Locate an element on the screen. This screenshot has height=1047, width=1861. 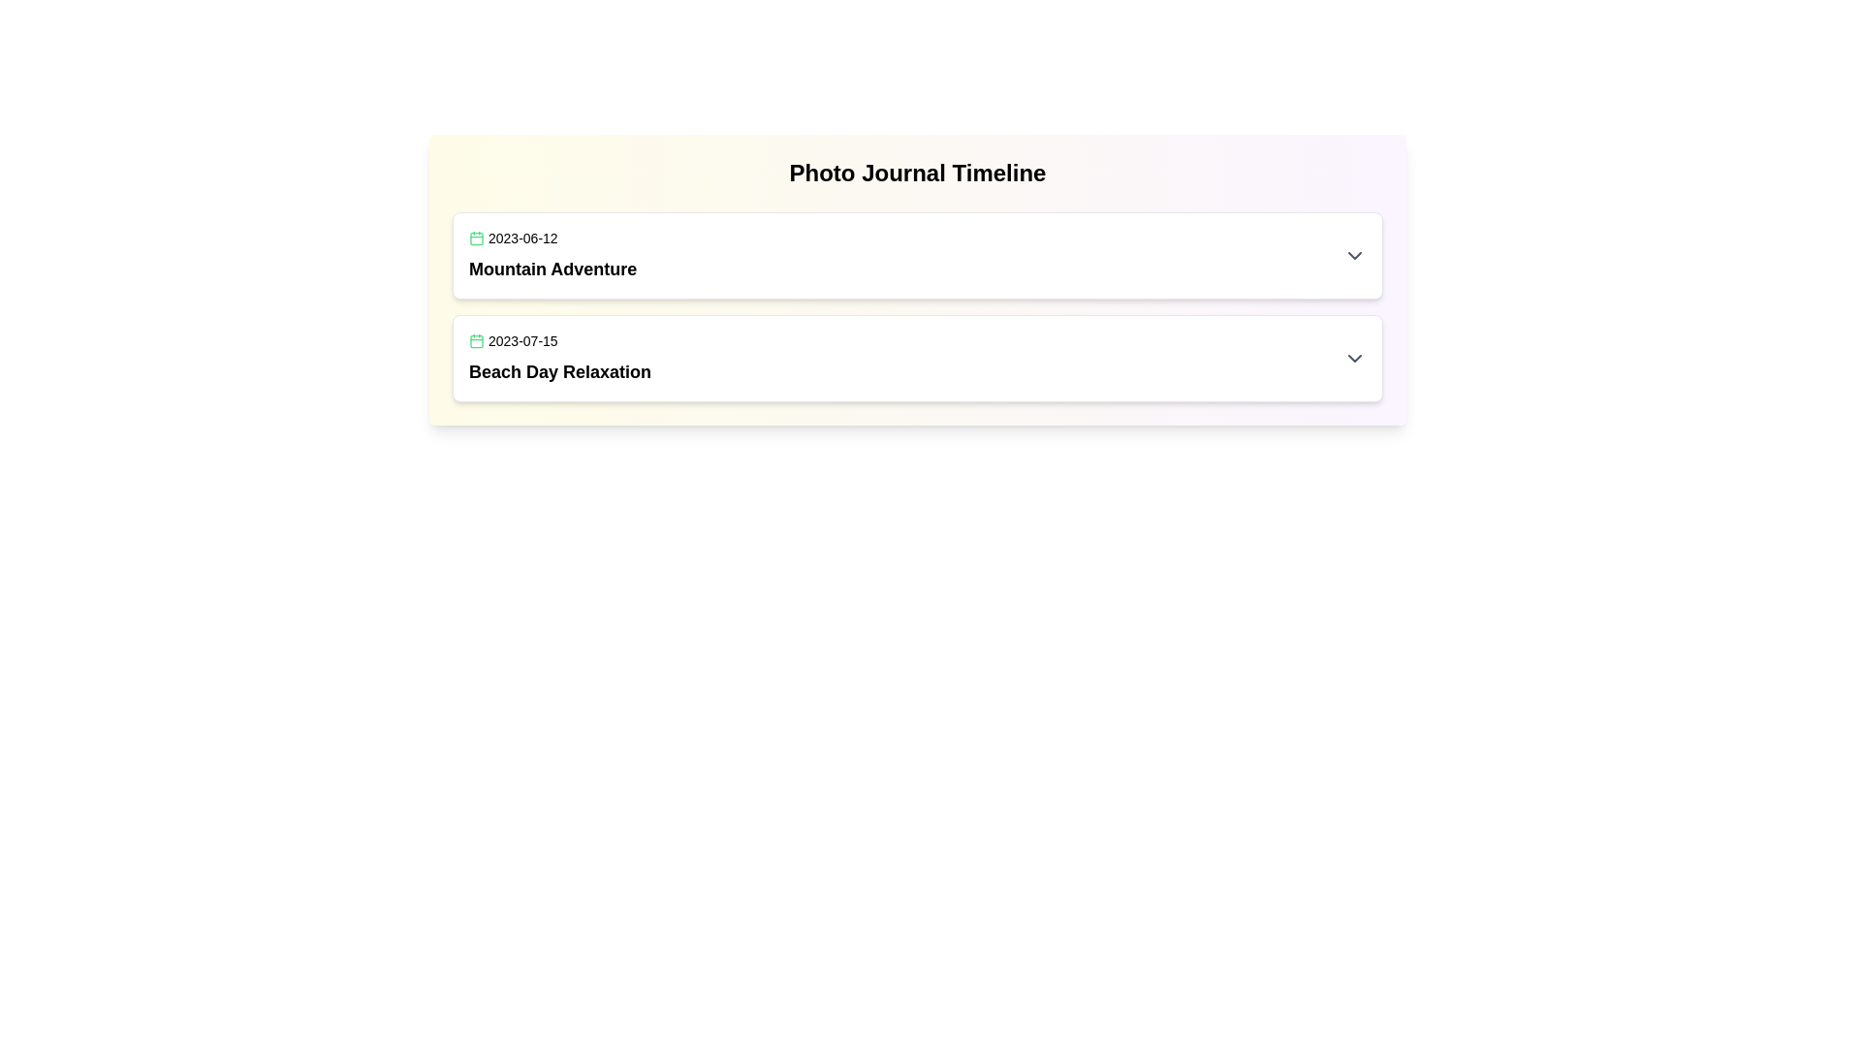
the prominent text element displaying 'Mountain Adventure' to highlight it is located at coordinates (552, 269).